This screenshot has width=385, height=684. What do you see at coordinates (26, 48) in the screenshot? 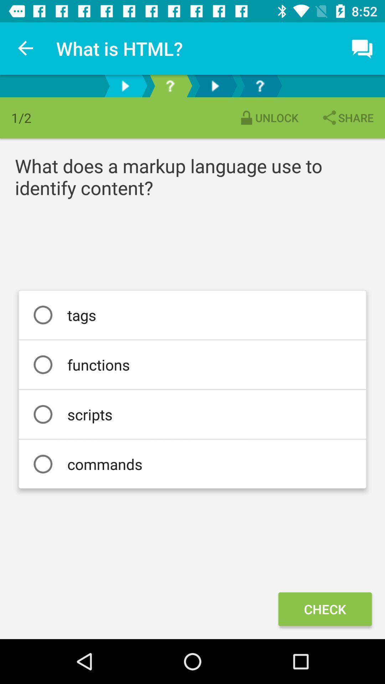
I see `the item next to the what is html? item` at bounding box center [26, 48].